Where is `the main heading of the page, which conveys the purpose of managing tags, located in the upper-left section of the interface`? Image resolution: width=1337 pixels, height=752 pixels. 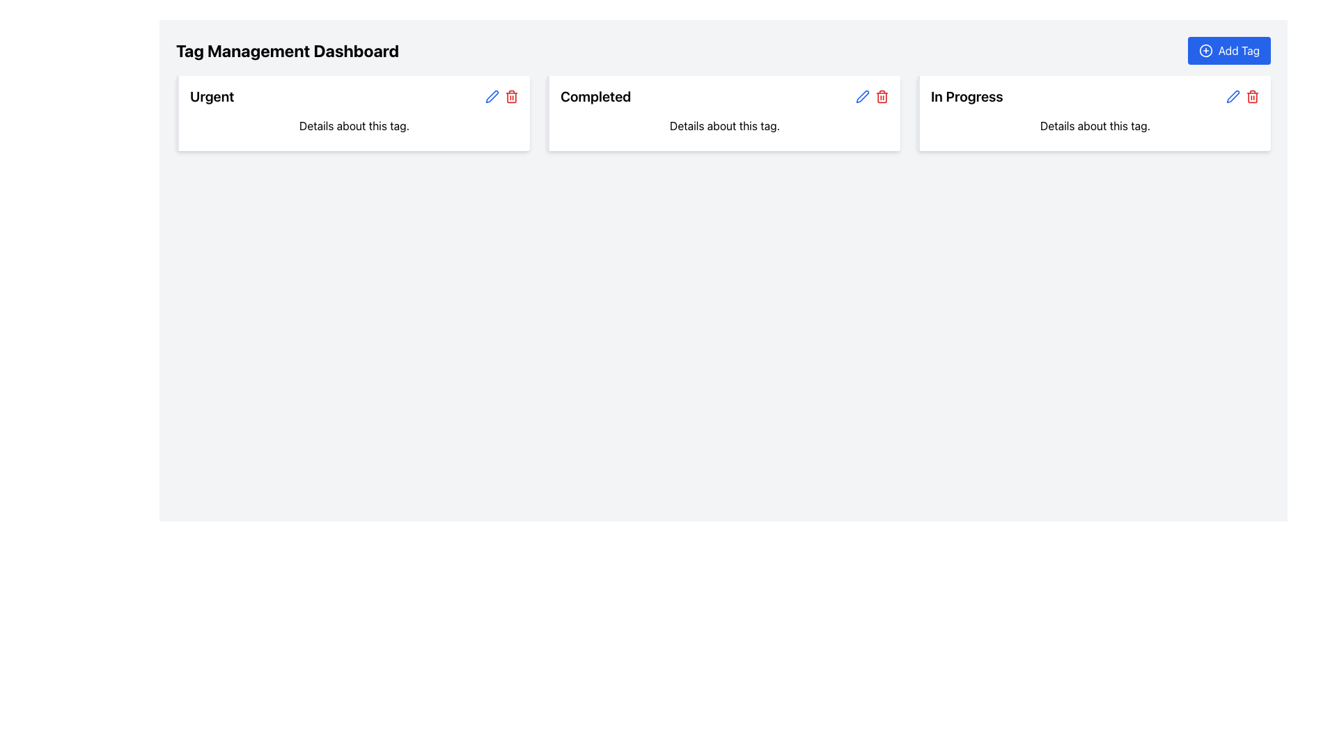
the main heading of the page, which conveys the purpose of managing tags, located in the upper-left section of the interface is located at coordinates (286, 50).